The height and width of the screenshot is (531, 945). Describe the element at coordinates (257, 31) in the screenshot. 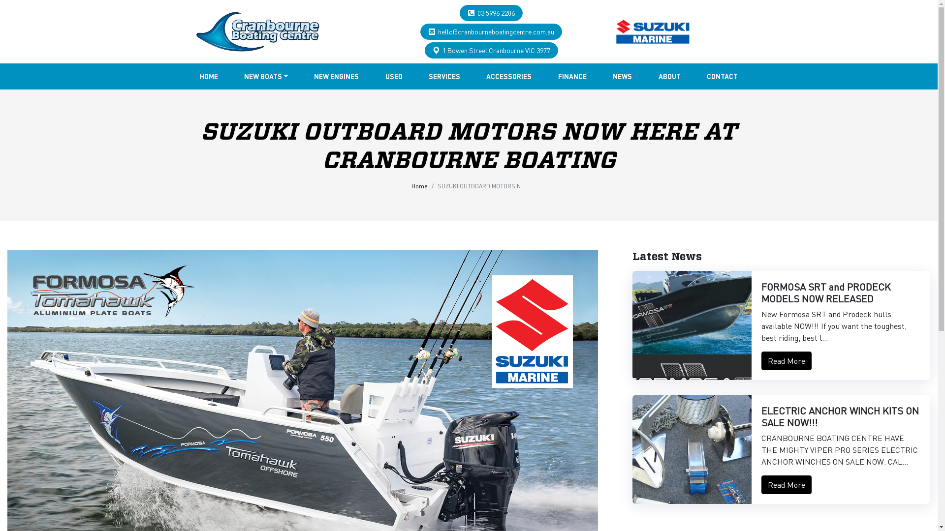

I see `'...'` at that location.